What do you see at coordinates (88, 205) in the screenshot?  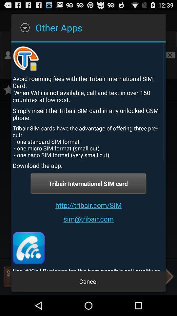 I see `item below the tribair international sim button` at bounding box center [88, 205].